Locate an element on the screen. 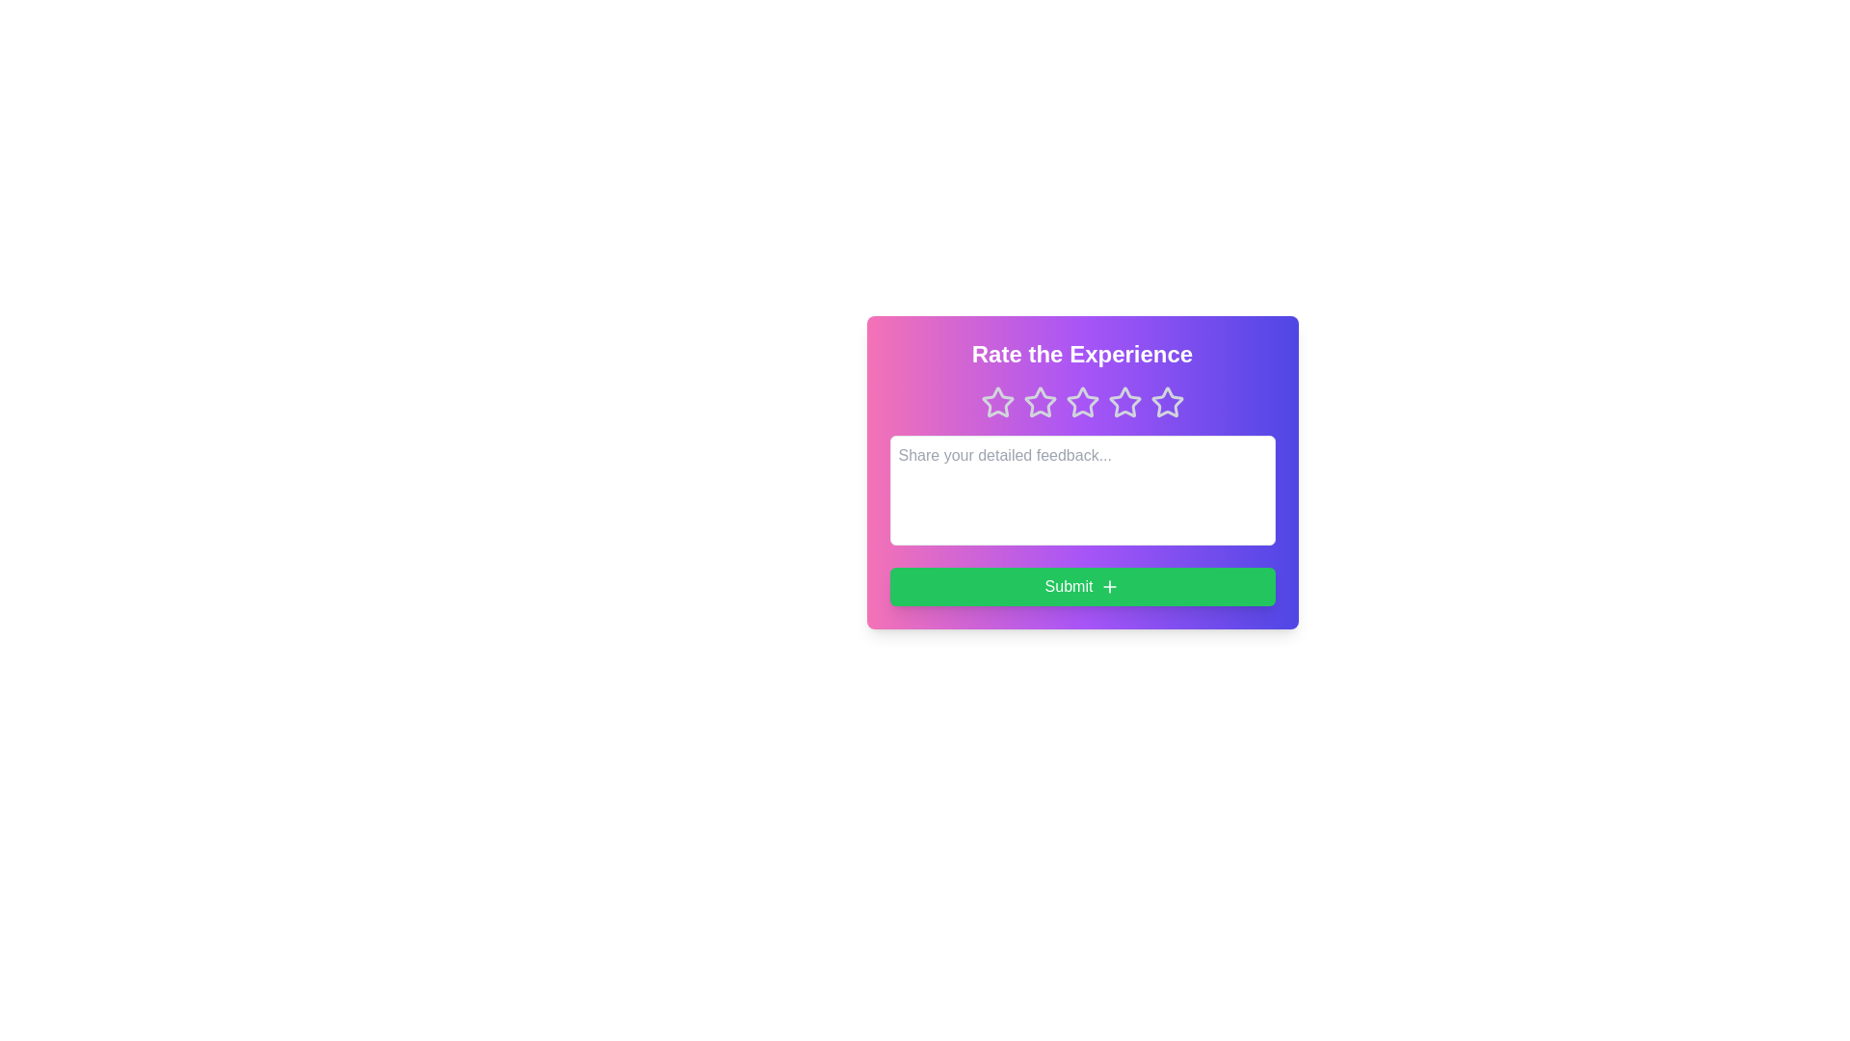  submit button to finalize the rating and feedback is located at coordinates (1082, 586).